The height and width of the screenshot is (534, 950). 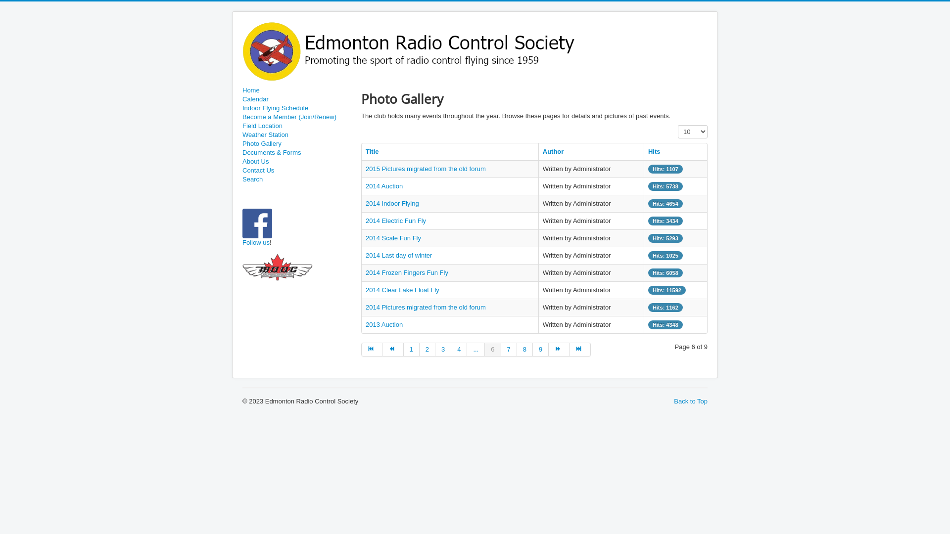 I want to click on 'Documents & Forms', so click(x=296, y=152).